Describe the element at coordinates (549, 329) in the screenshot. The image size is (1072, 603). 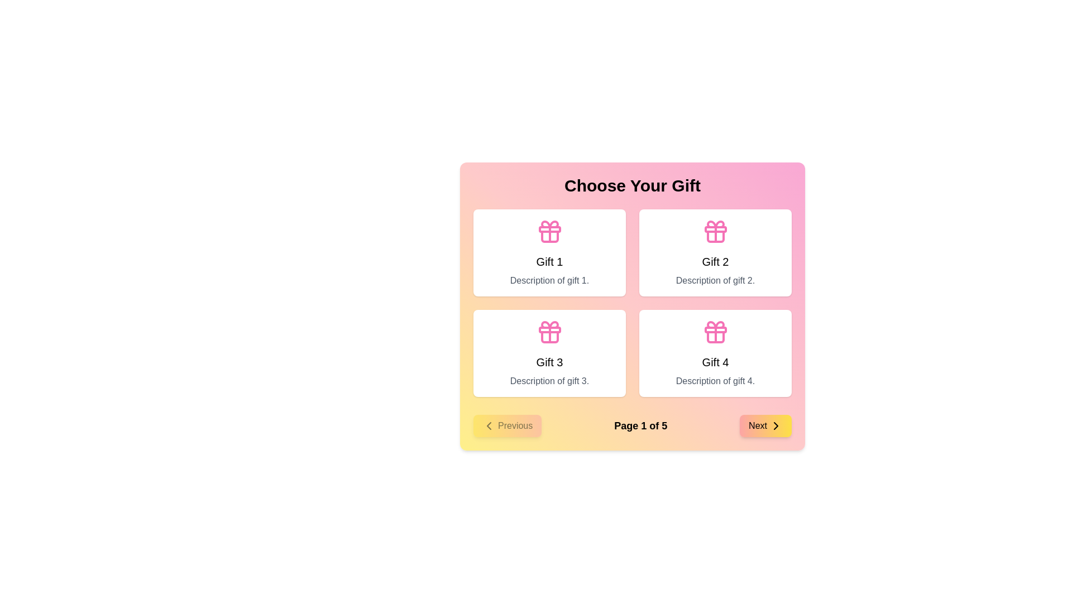
I see `the central horizontal pink rectangular bar of the gift icon located above the text 'Gift 1' in the top-left card of the grid layout` at that location.